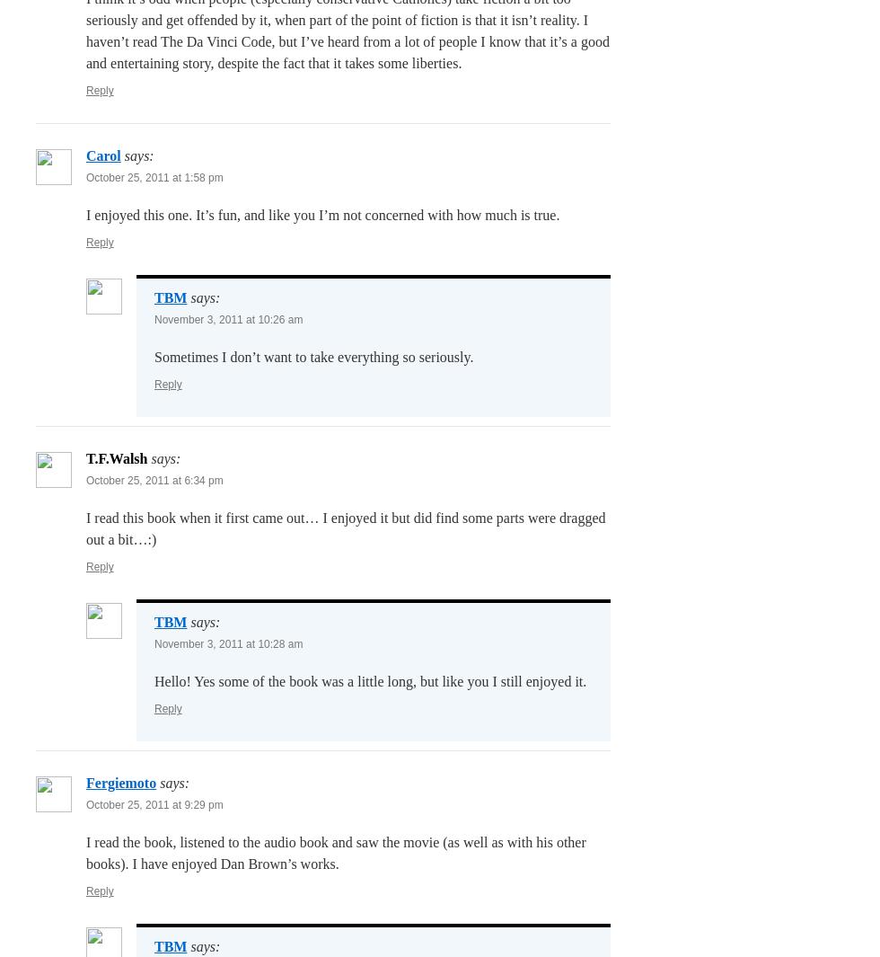  Describe the element at coordinates (154, 319) in the screenshot. I see `'November 3, 2011 at 10:26 am'` at that location.